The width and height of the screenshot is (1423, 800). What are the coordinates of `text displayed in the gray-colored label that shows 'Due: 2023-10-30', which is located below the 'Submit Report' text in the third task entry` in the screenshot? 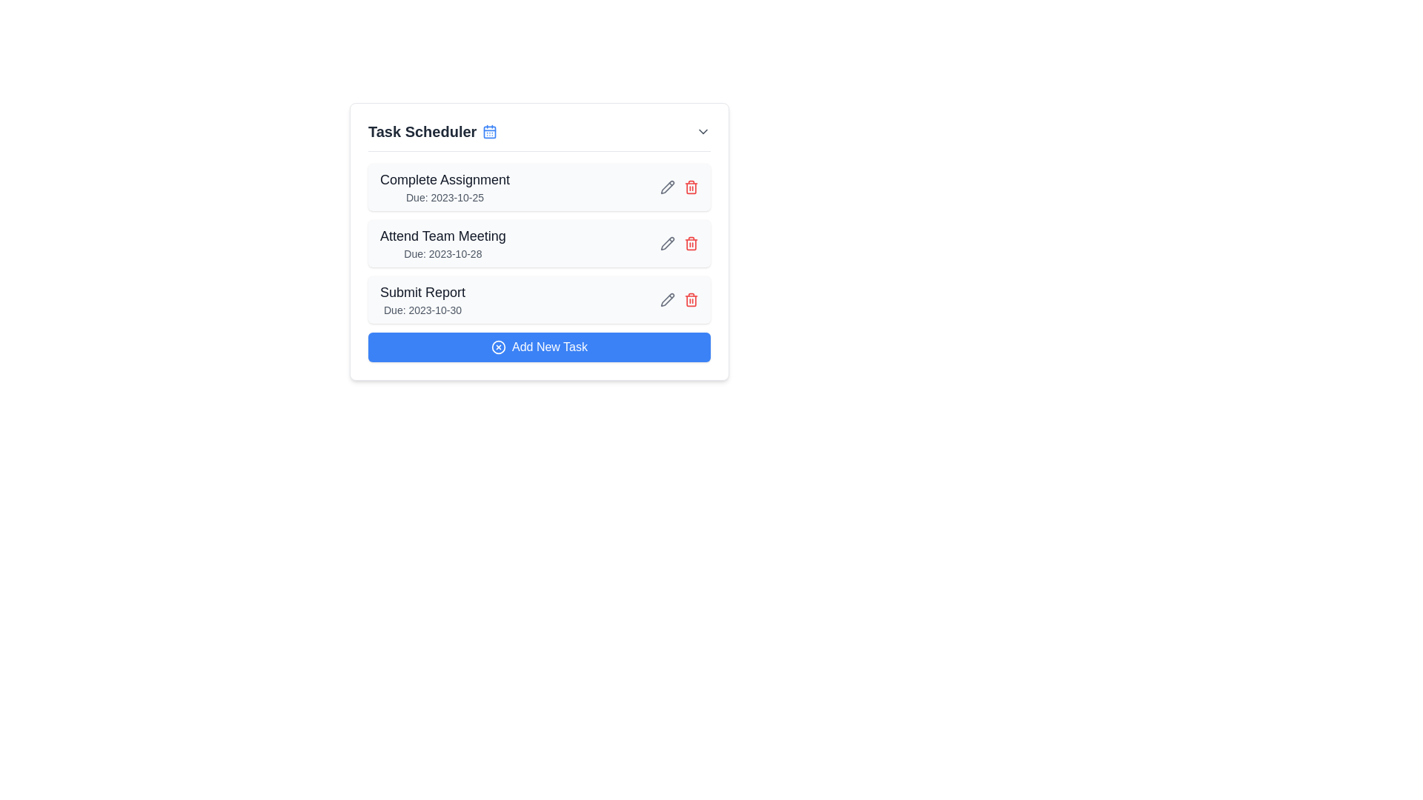 It's located at (422, 310).